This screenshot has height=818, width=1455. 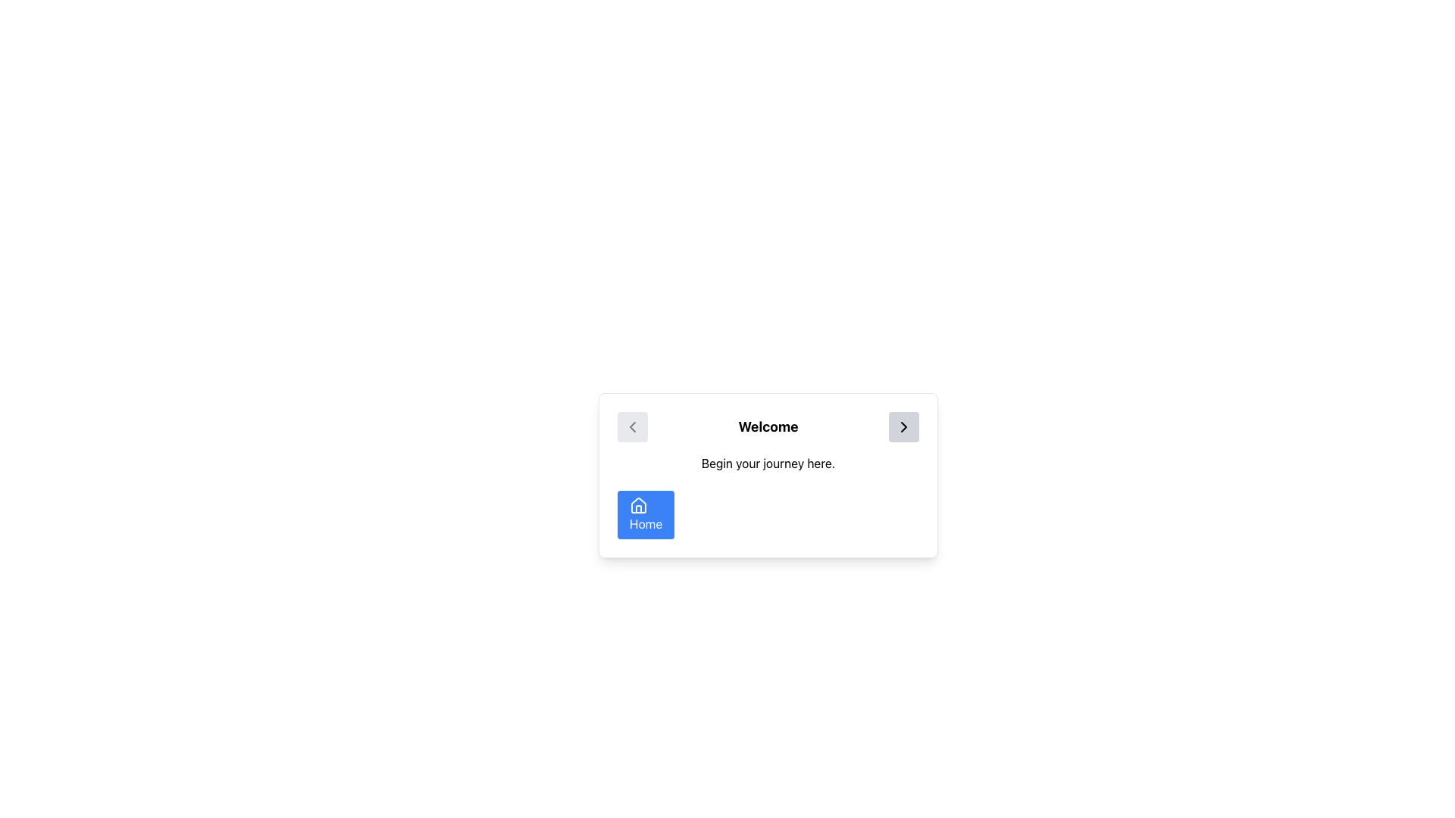 What do you see at coordinates (646, 514) in the screenshot?
I see `the 'Home' button located at the bottom-left of the horizontal flexbox panel` at bounding box center [646, 514].